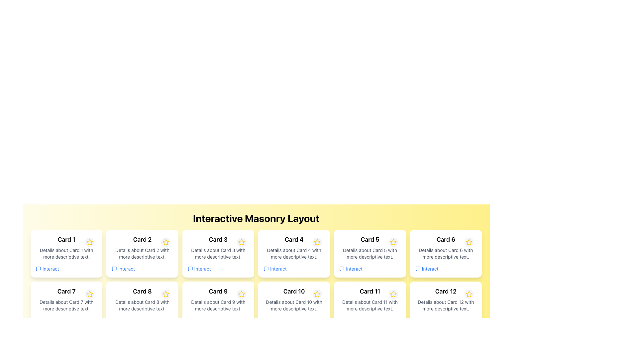 The width and height of the screenshot is (638, 359). Describe the element at coordinates (393, 294) in the screenshot. I see `the star-shaped yellow icon located in the top-right corner of 'Card 11'` at that location.